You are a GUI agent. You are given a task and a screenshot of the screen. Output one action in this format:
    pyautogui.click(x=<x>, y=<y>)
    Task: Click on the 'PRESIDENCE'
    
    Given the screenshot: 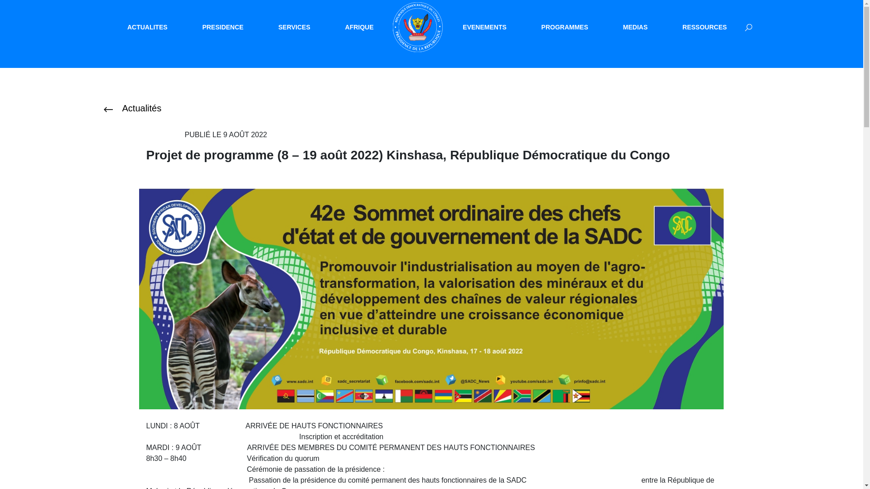 What is the action you would take?
    pyautogui.click(x=222, y=27)
    